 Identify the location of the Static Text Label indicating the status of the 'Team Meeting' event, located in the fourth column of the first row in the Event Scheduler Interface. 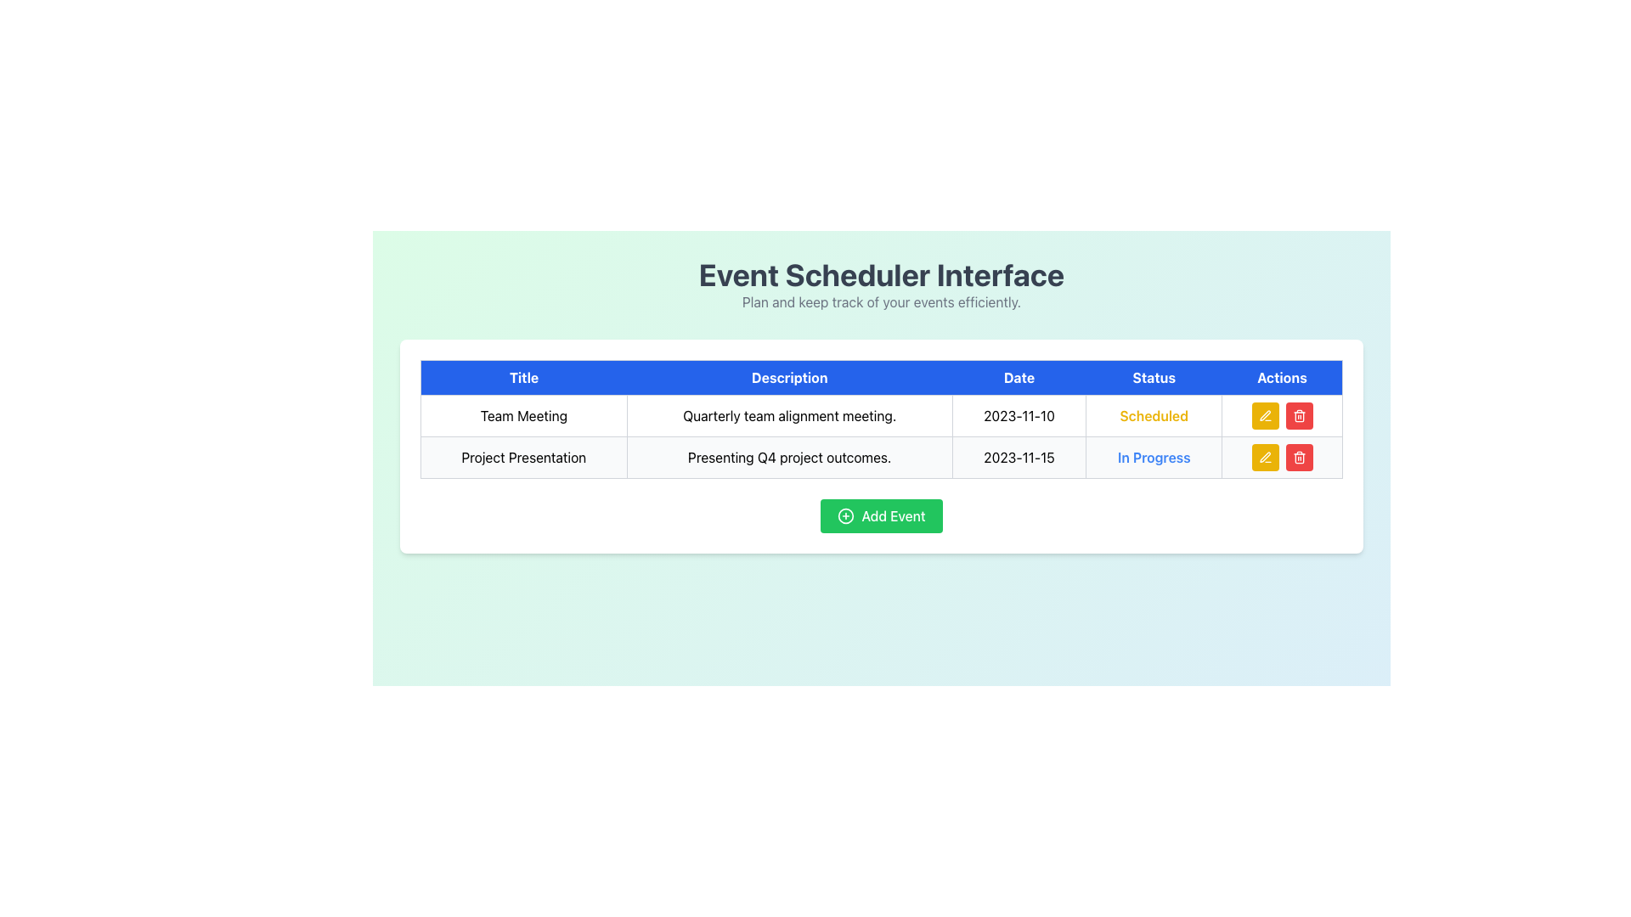
(1154, 415).